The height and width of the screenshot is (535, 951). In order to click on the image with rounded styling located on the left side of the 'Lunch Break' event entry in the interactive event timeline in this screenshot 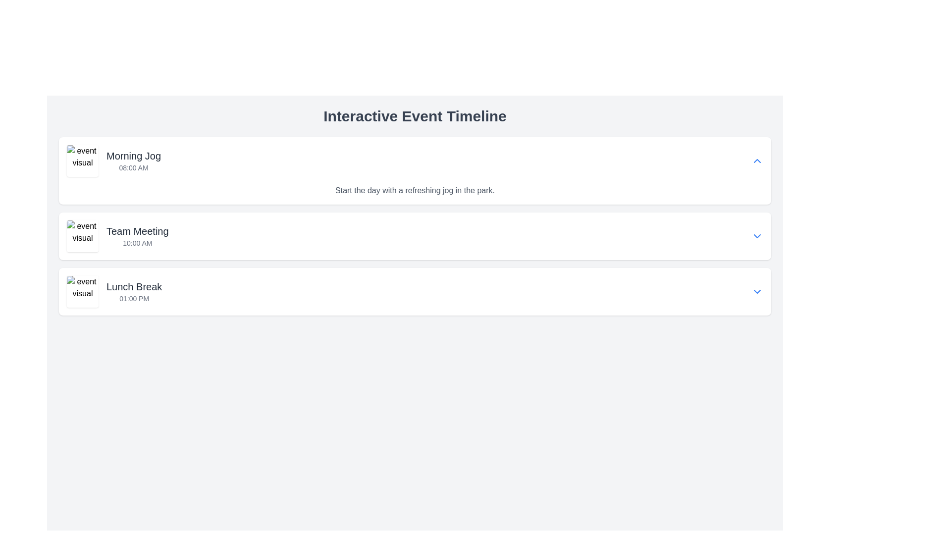, I will do `click(83, 291)`.